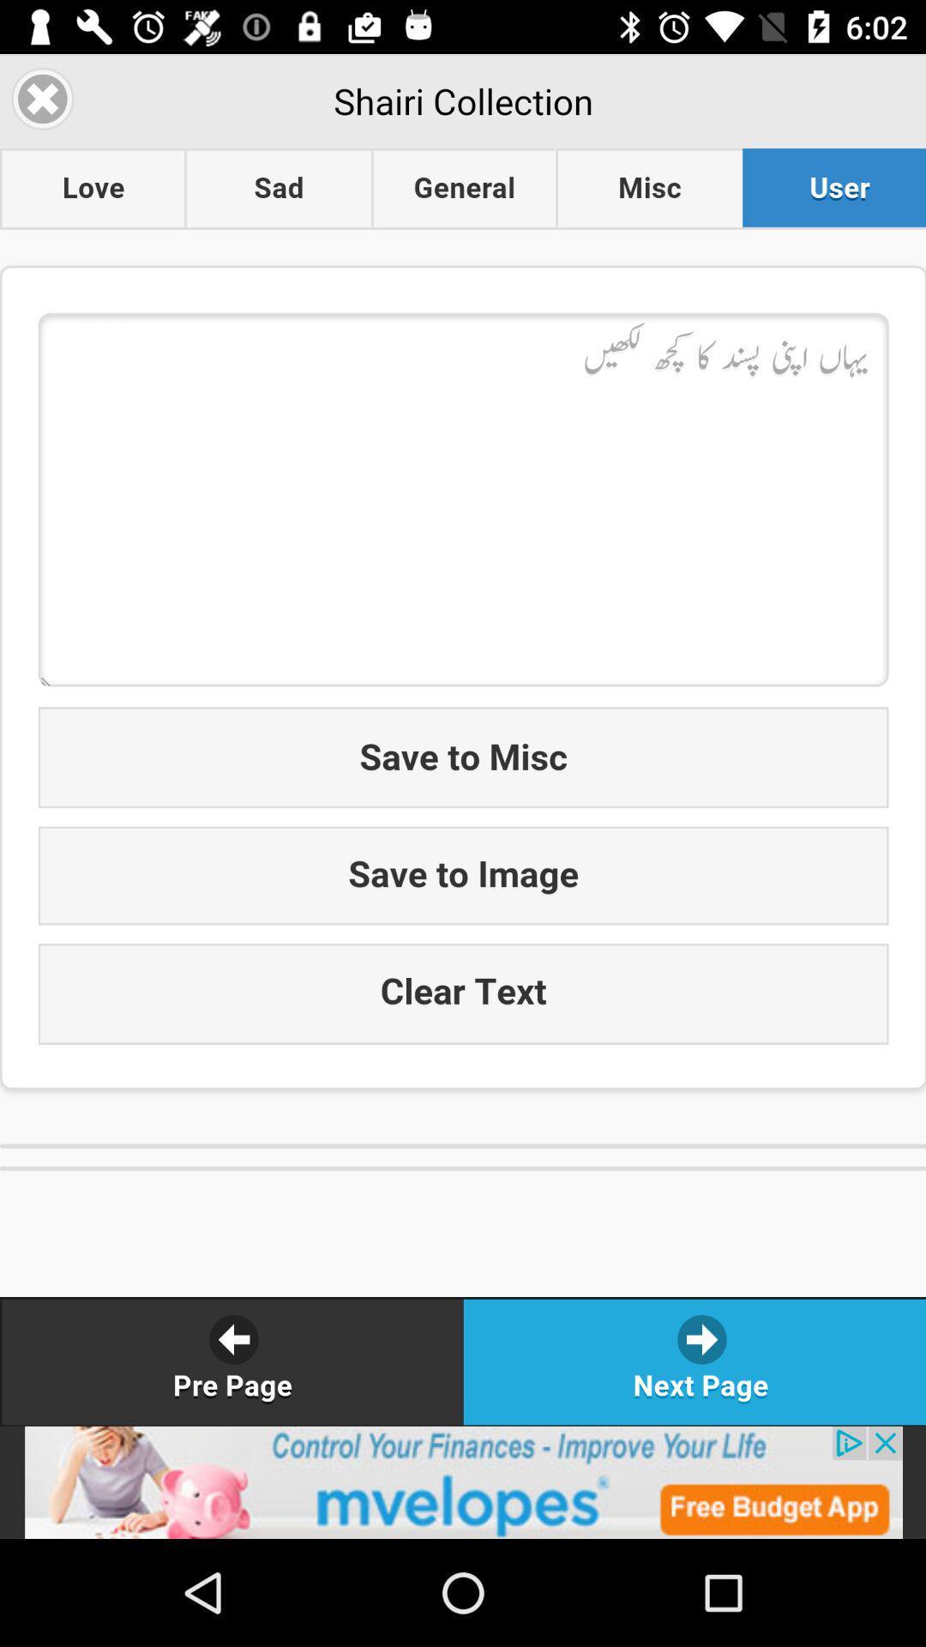 The image size is (926, 1647). I want to click on advertisement at bottom, so click(463, 1481).